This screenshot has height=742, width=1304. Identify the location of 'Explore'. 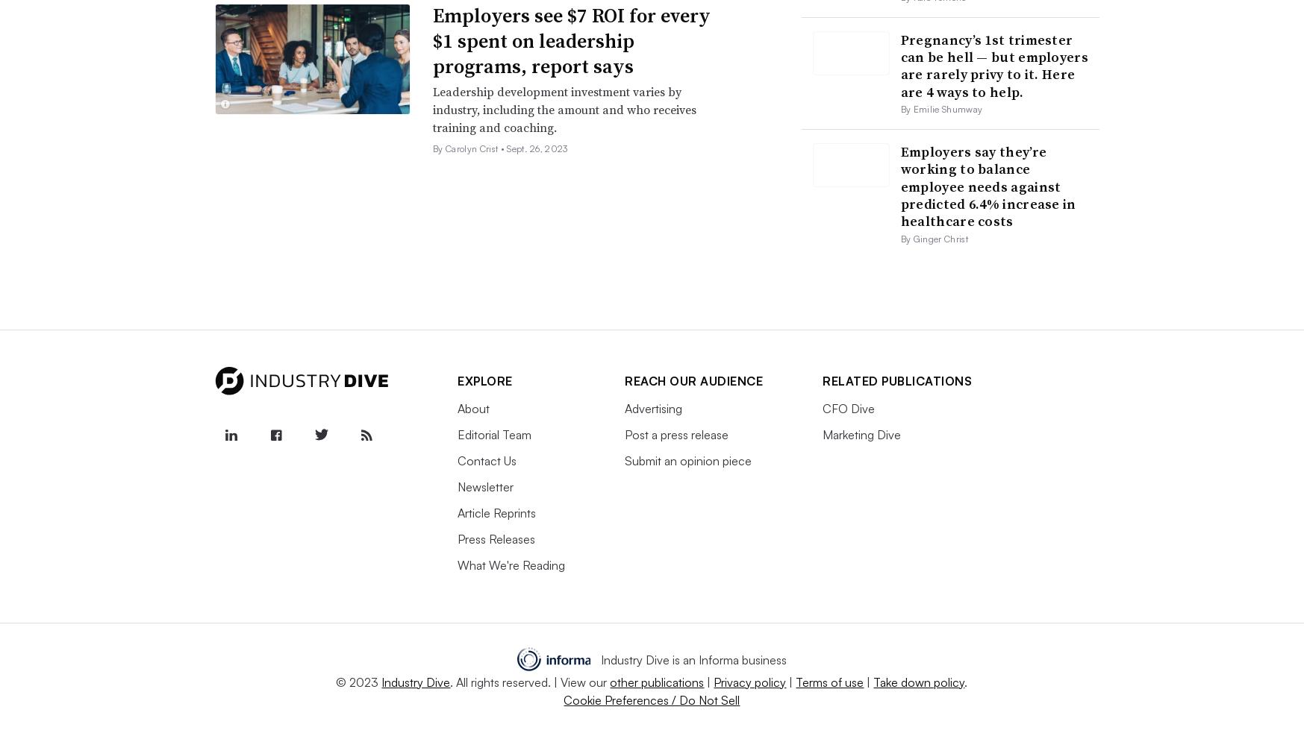
(484, 380).